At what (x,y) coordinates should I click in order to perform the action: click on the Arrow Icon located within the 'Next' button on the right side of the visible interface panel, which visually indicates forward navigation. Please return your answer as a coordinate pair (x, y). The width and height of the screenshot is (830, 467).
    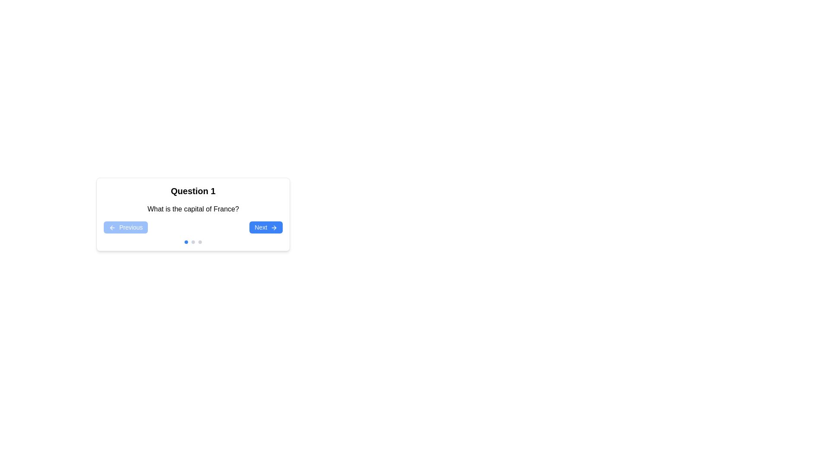
    Looking at the image, I should click on (275, 227).